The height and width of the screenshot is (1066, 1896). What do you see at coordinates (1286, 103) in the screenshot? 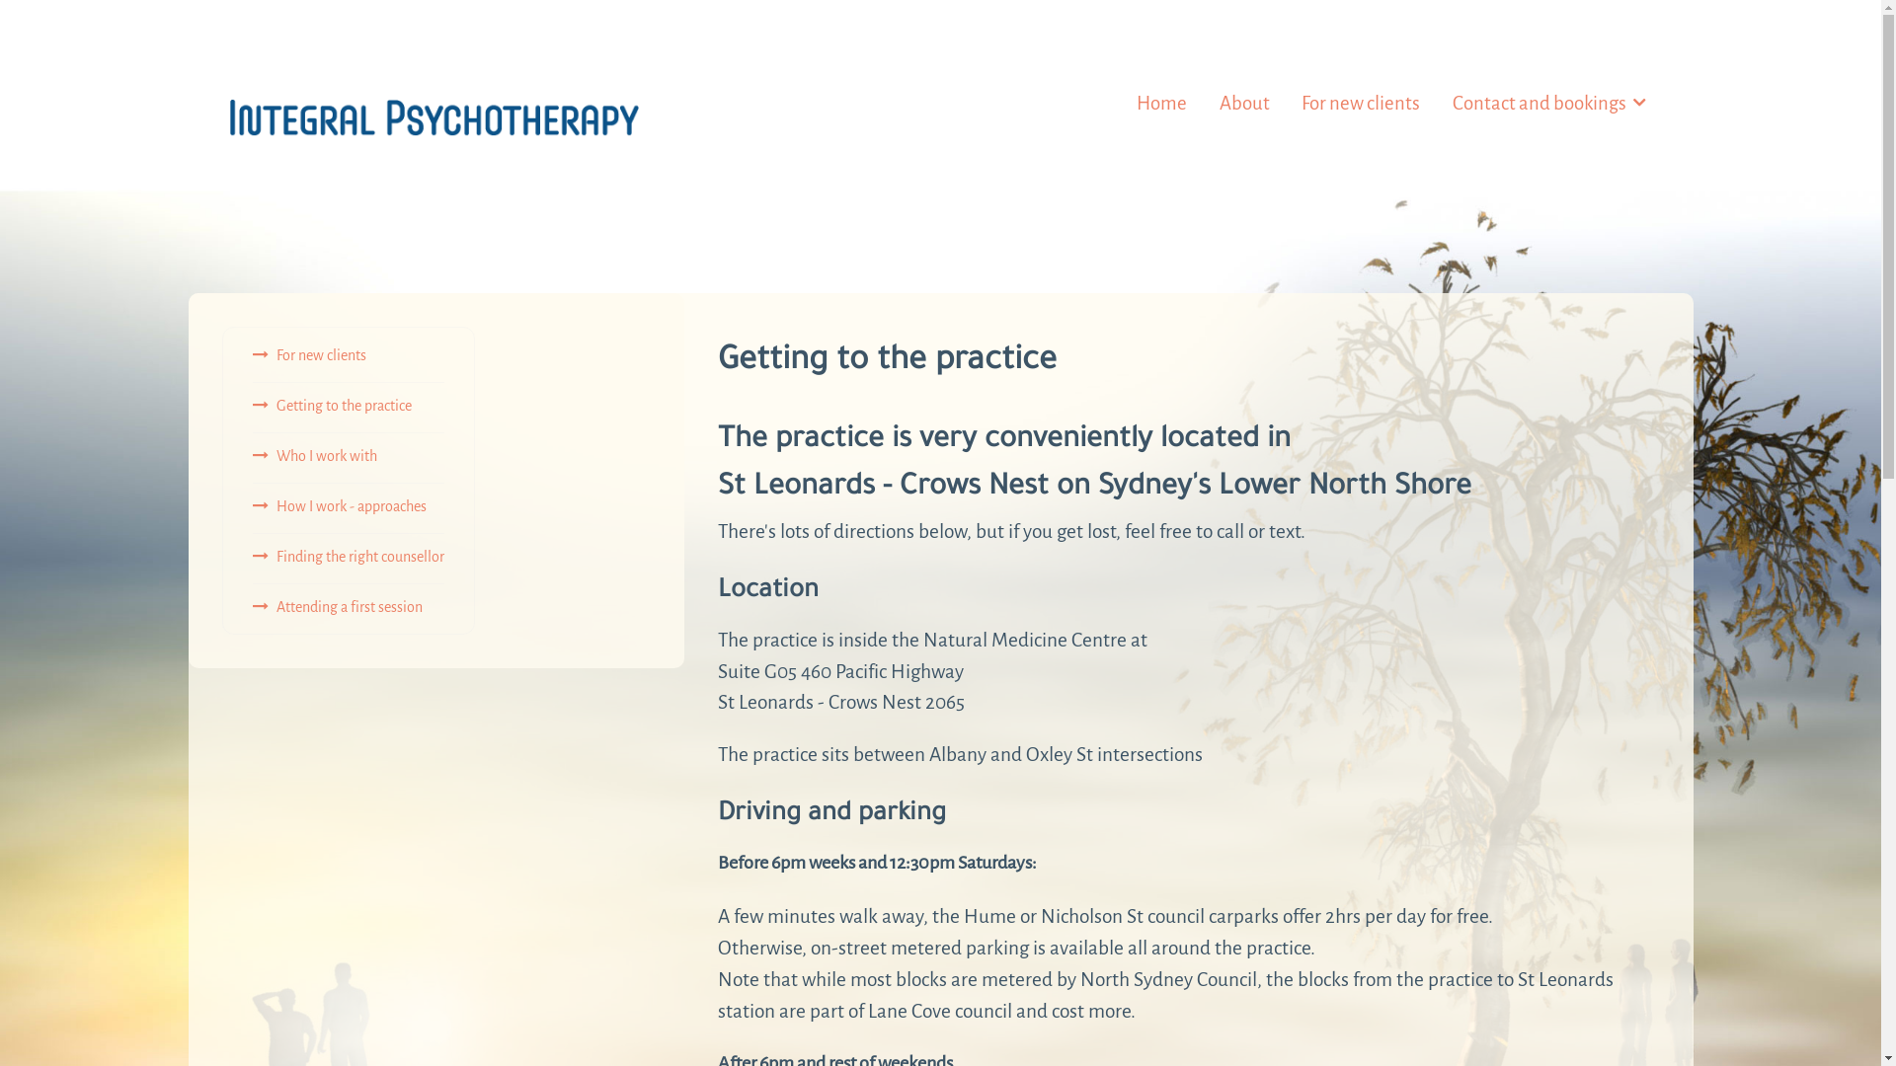
I see `'For new clients'` at bounding box center [1286, 103].